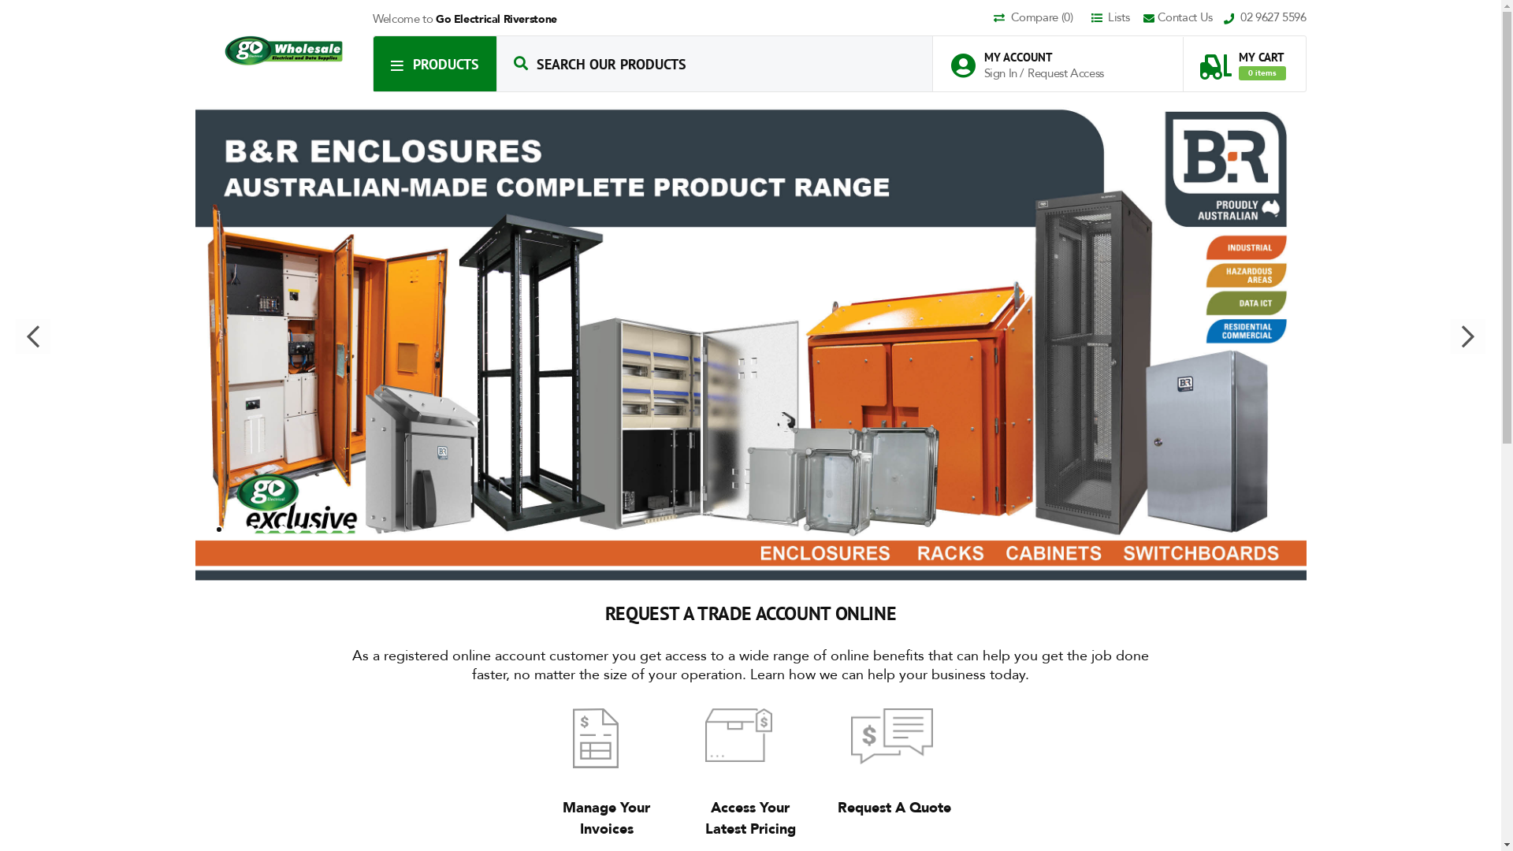 The height and width of the screenshot is (851, 1513). I want to click on '8', so click(313, 529).